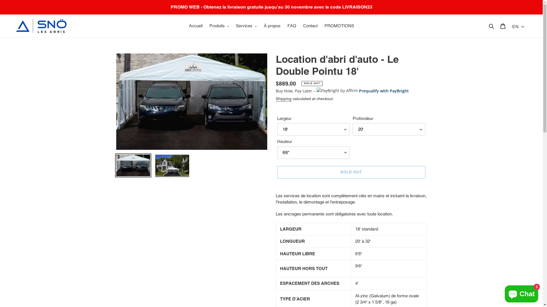 The image size is (547, 307). I want to click on 'Cart', so click(503, 26).